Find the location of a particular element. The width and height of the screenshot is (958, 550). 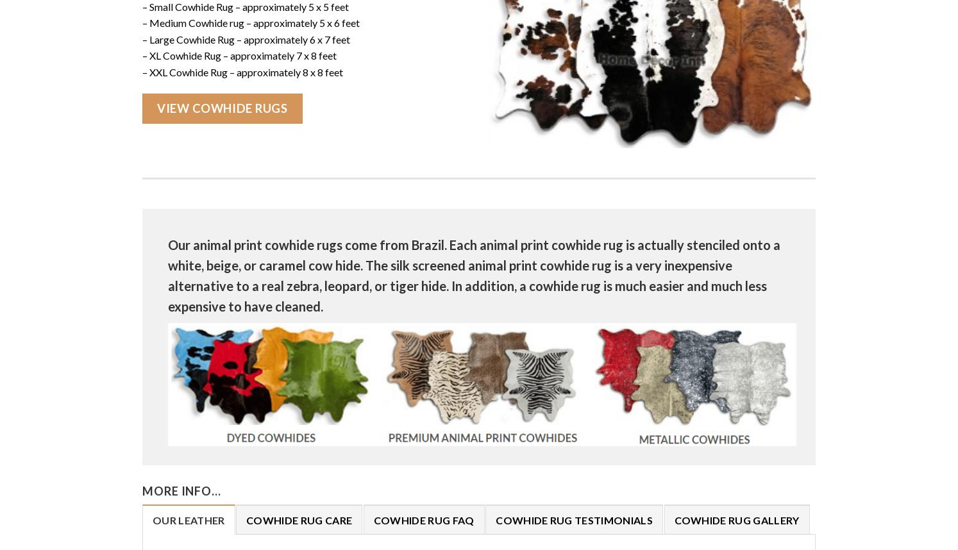

'– XXL Cowhide Rug – approximately 8 x 8 feet' is located at coordinates (242, 72).